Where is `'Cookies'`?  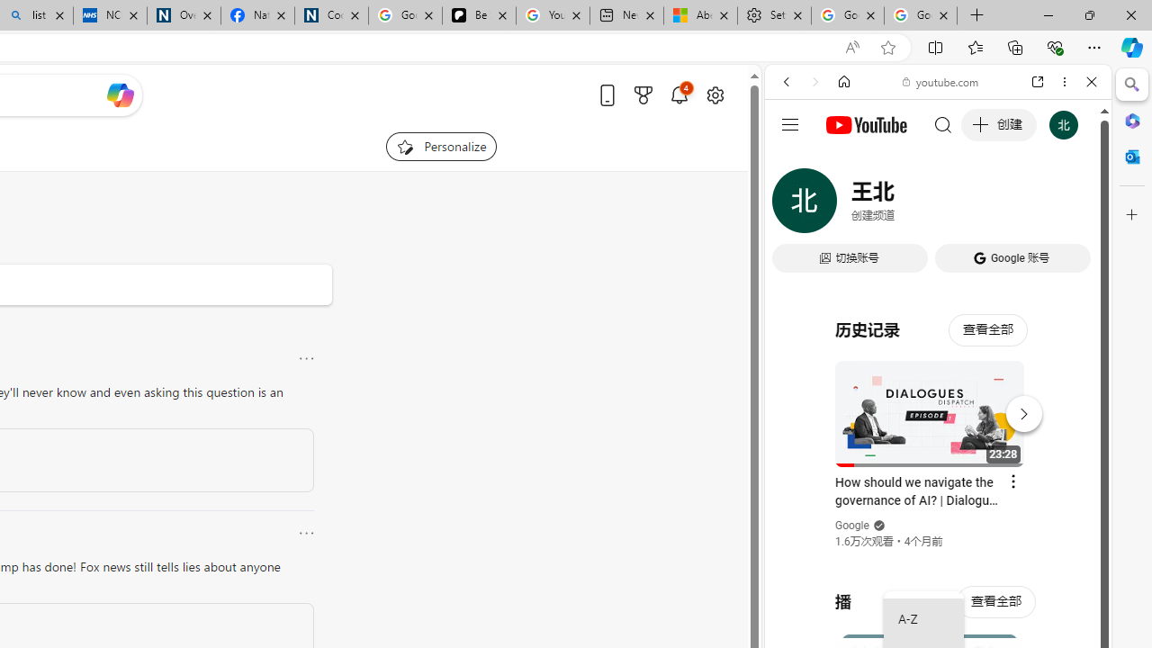 'Cookies' is located at coordinates (331, 15).